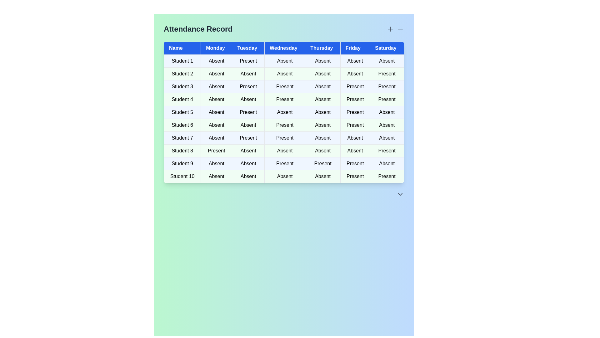  I want to click on the 'Minus' icon to remove a record, so click(400, 29).